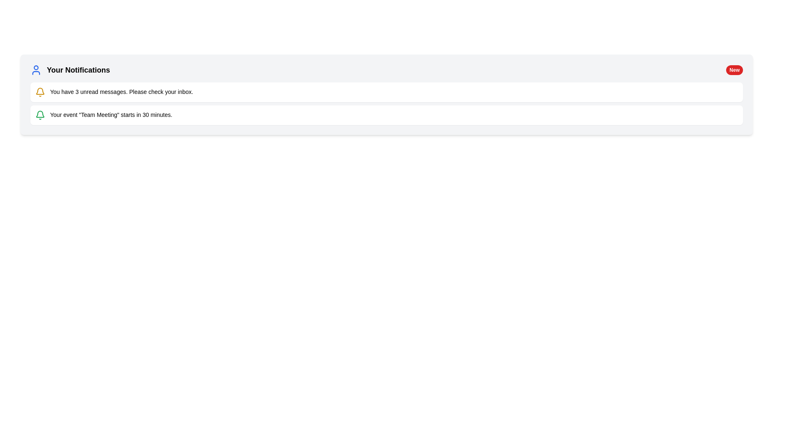  Describe the element at coordinates (121, 92) in the screenshot. I see `the Text Label element displaying the notification message 'You have 3 unread messages. Please check your inbox.' which is located in the notification section under 'Your Notifications.'` at that location.